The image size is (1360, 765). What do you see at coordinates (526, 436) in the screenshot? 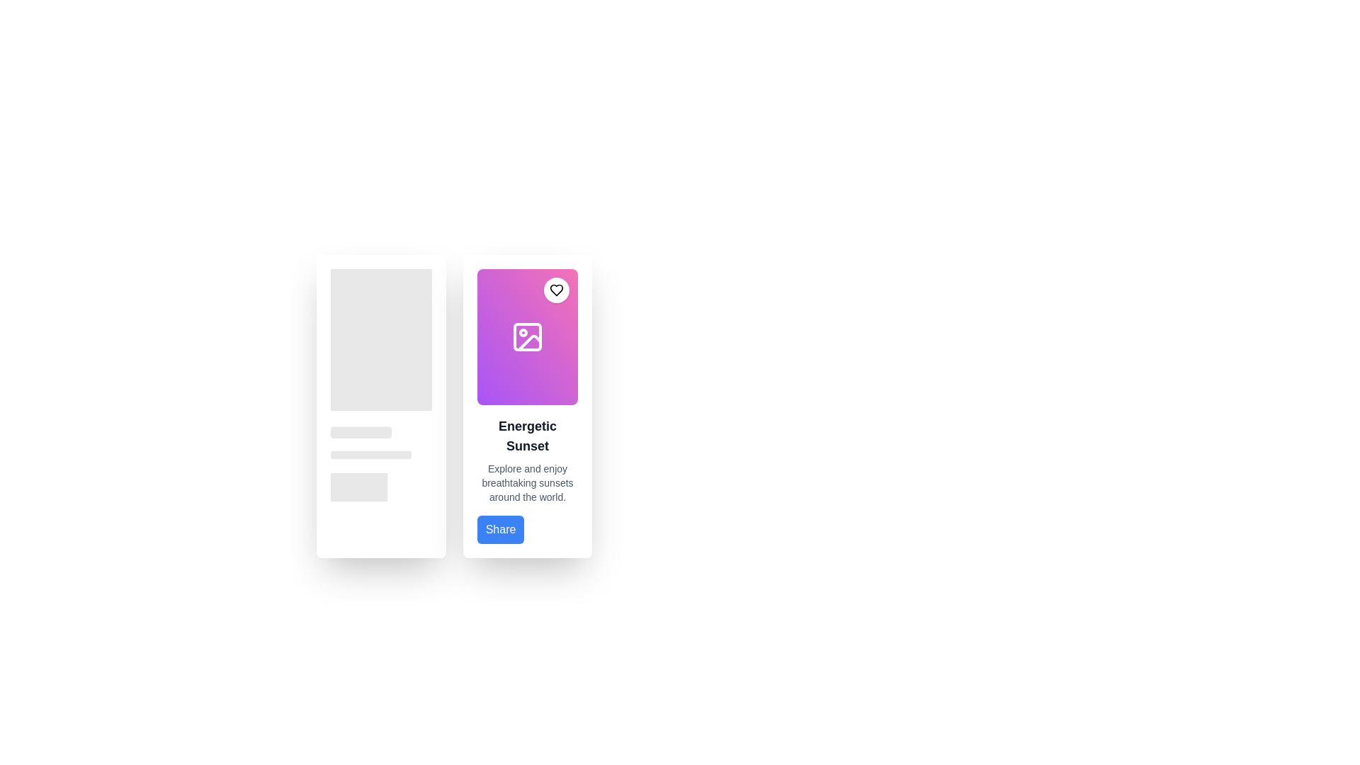
I see `title text 'Energetic Sunset' located at the upper middle section of the vertical card layout, directly below a purple gradient background` at bounding box center [526, 436].